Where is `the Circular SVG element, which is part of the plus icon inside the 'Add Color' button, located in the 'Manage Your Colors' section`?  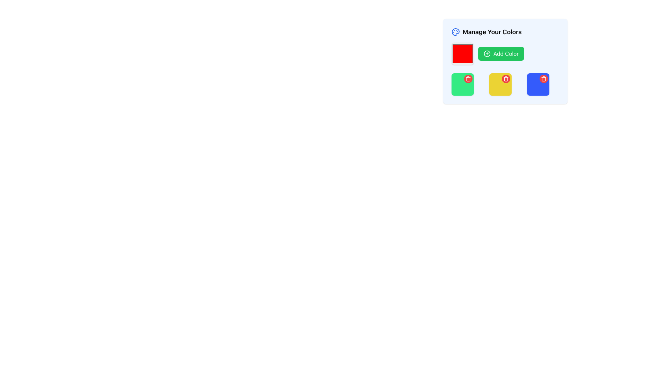
the Circular SVG element, which is part of the plus icon inside the 'Add Color' button, located in the 'Manage Your Colors' section is located at coordinates (486, 53).